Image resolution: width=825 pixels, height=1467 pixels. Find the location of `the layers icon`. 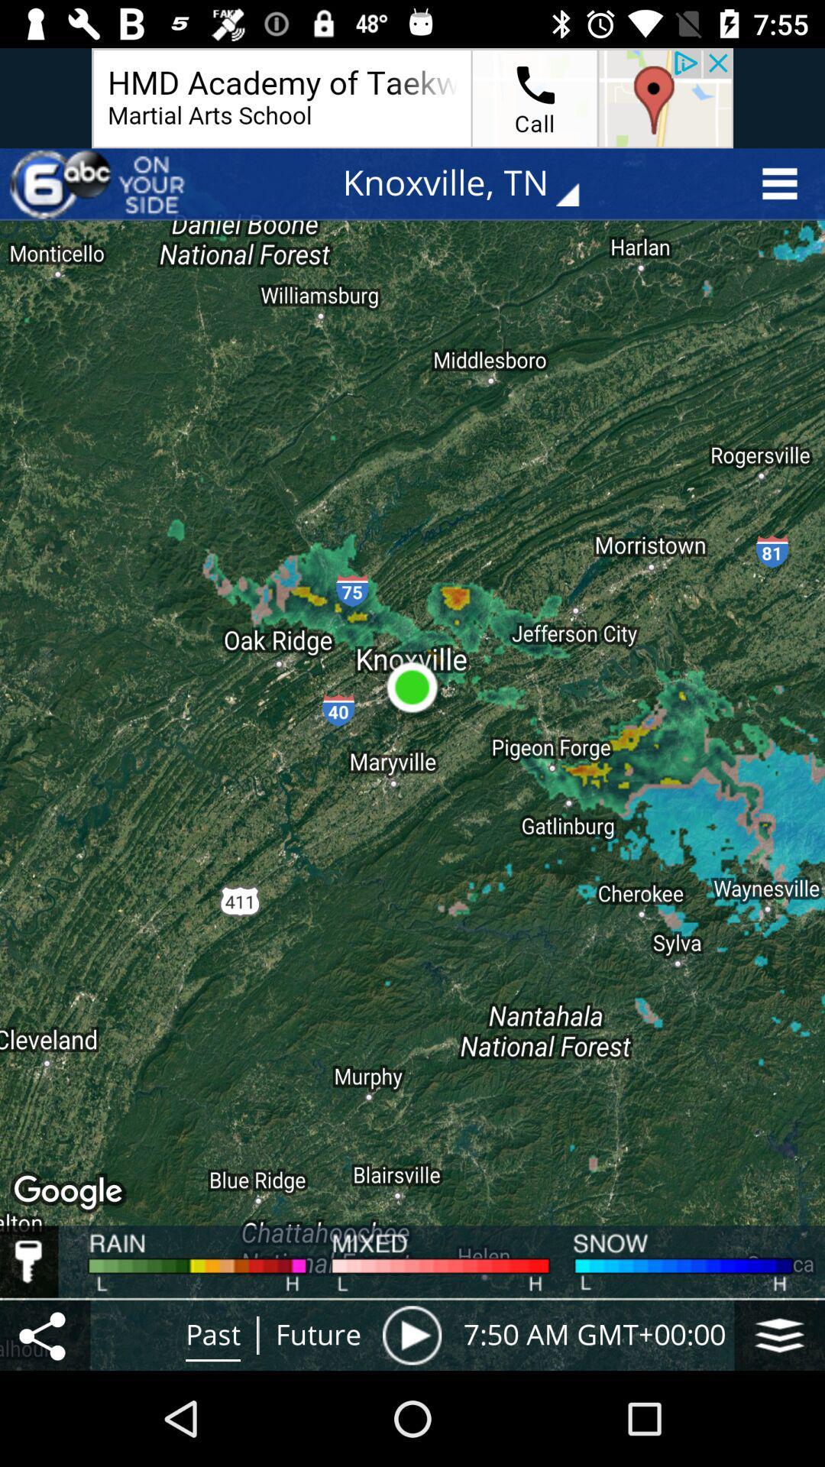

the layers icon is located at coordinates (779, 1334).